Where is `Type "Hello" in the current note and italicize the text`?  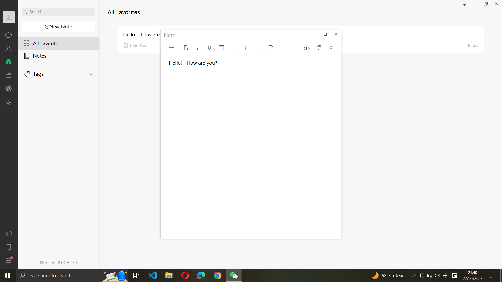
Type "Hello" in the current note and italicize the text is located at coordinates (190, 153).